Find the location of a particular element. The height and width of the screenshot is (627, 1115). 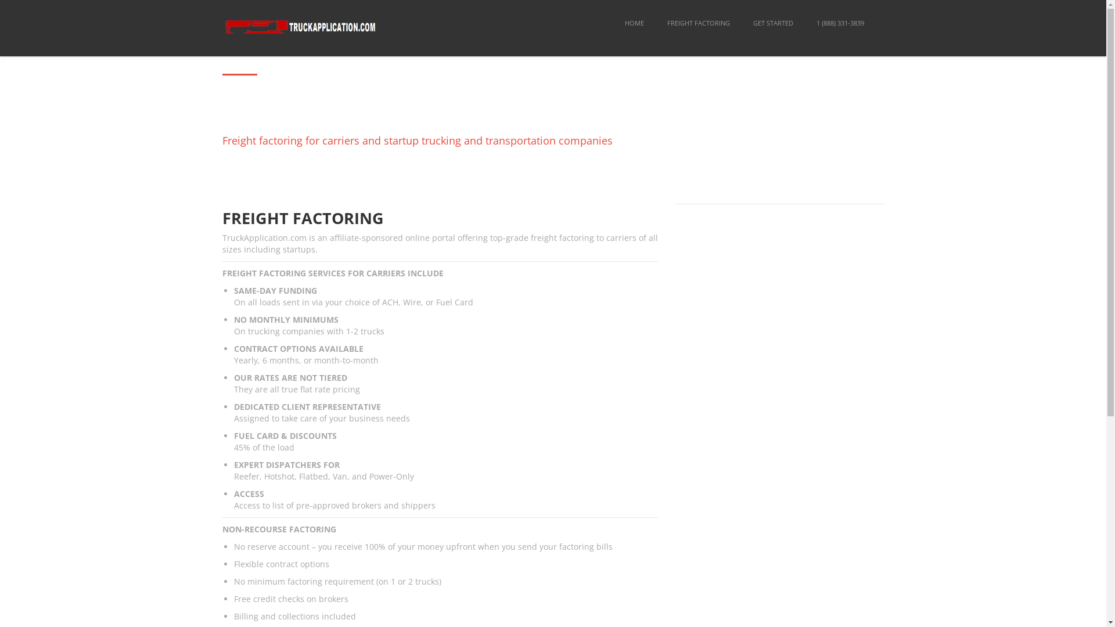

'HOME' is located at coordinates (613, 24).